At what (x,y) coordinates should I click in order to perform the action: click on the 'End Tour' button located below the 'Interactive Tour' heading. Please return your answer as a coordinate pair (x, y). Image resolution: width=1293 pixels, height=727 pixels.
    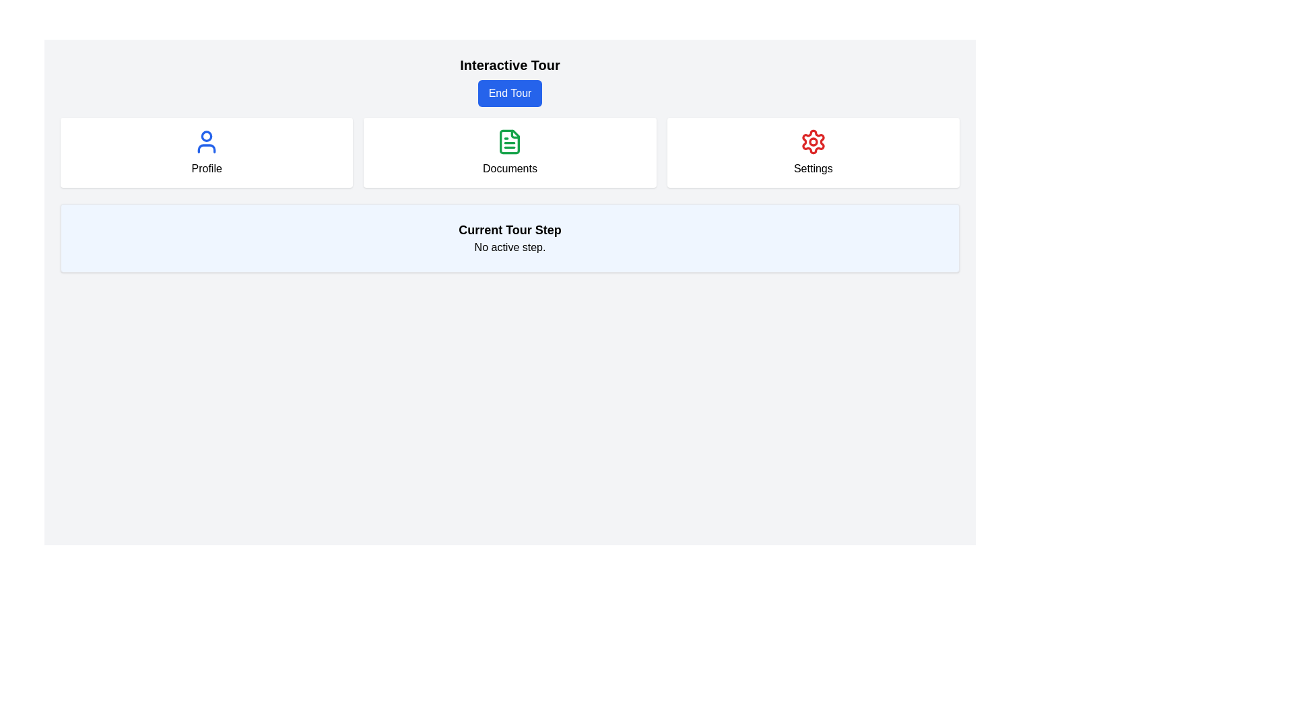
    Looking at the image, I should click on (509, 81).